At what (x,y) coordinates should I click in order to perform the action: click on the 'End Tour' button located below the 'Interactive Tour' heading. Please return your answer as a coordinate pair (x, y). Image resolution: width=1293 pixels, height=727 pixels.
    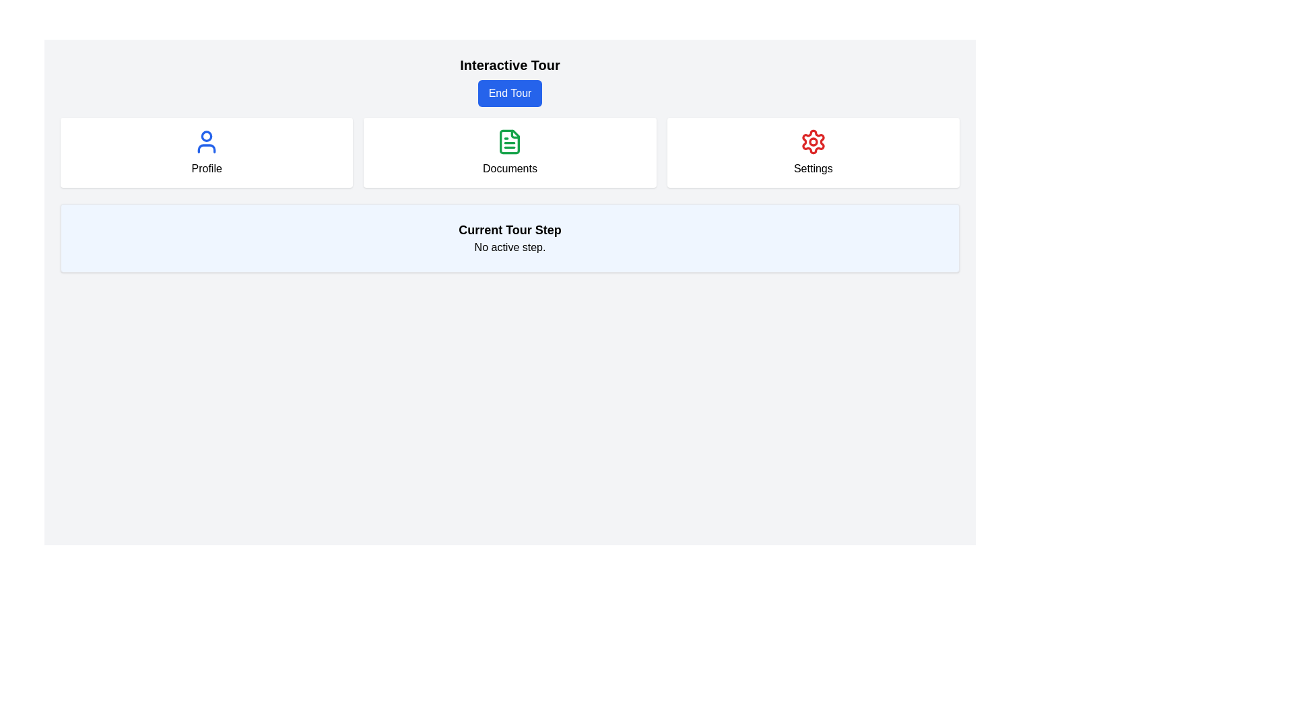
    Looking at the image, I should click on (509, 81).